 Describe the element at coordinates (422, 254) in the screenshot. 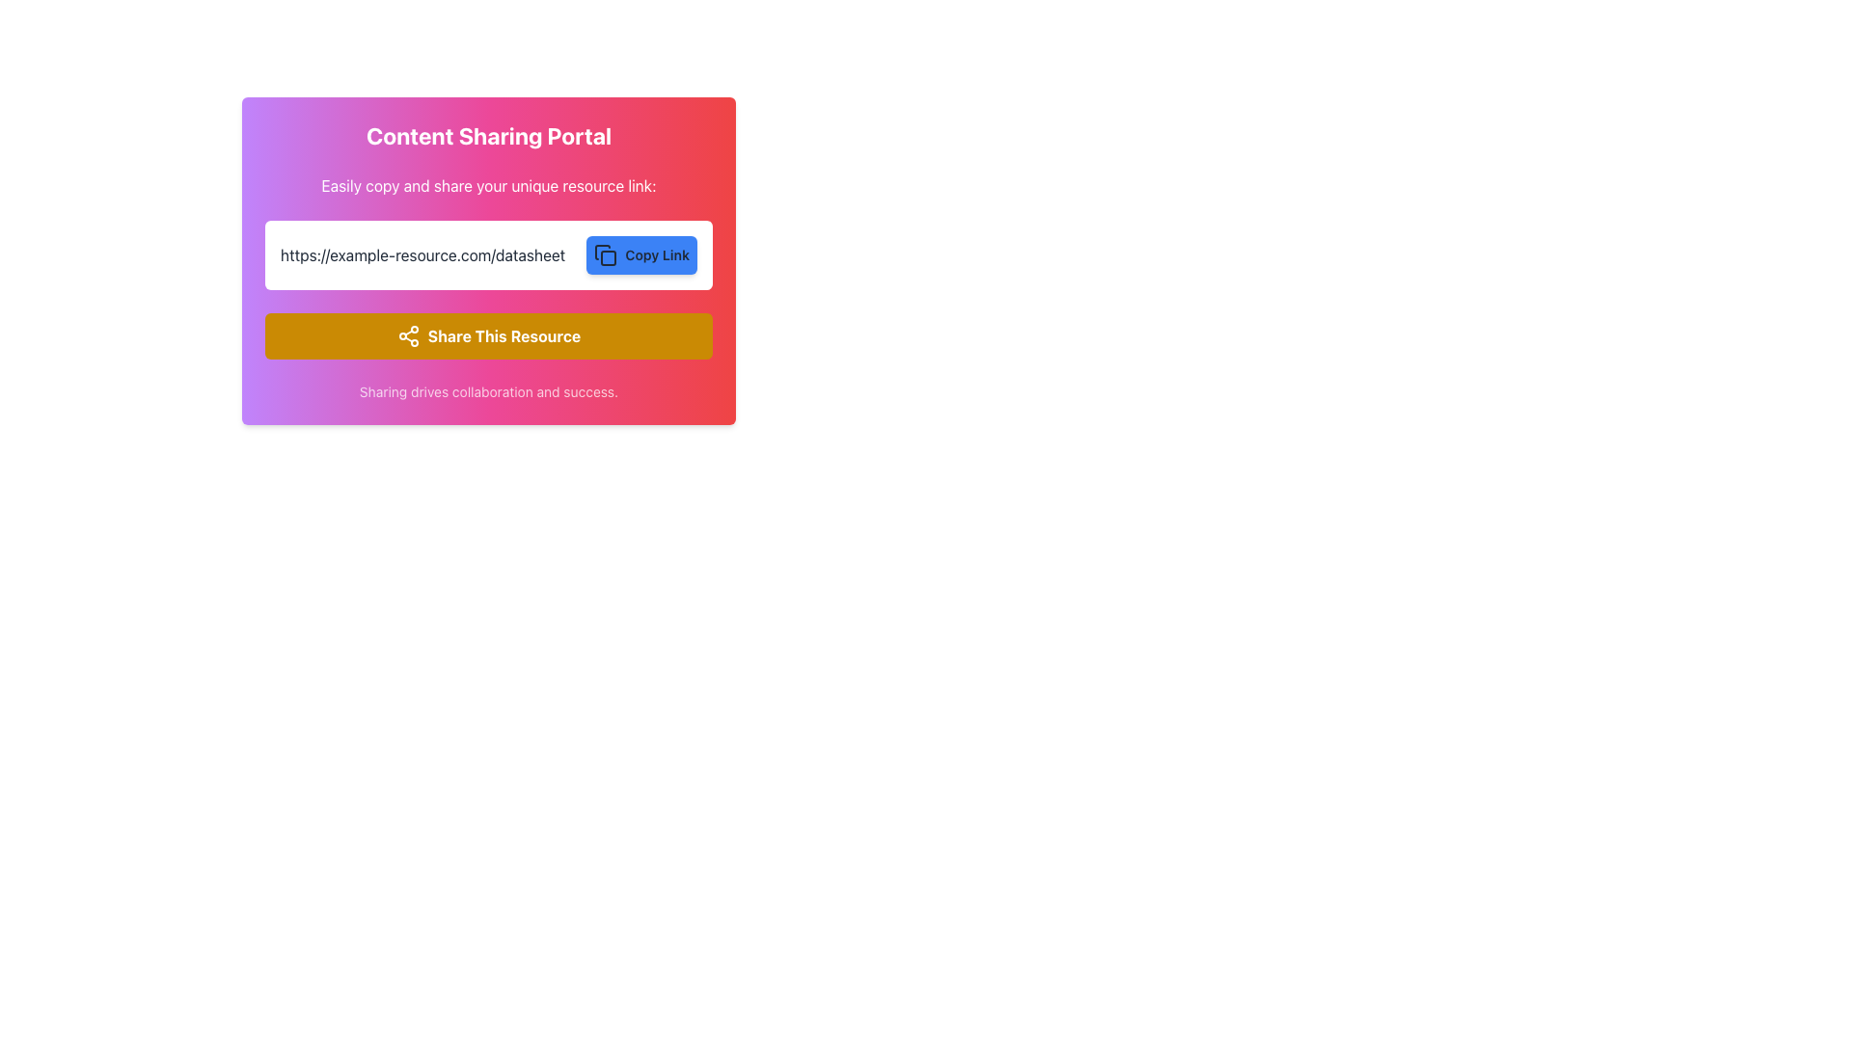

I see `the Text Label displaying the URL, located to the left of the 'Copy Link' button in the upper white box` at that location.